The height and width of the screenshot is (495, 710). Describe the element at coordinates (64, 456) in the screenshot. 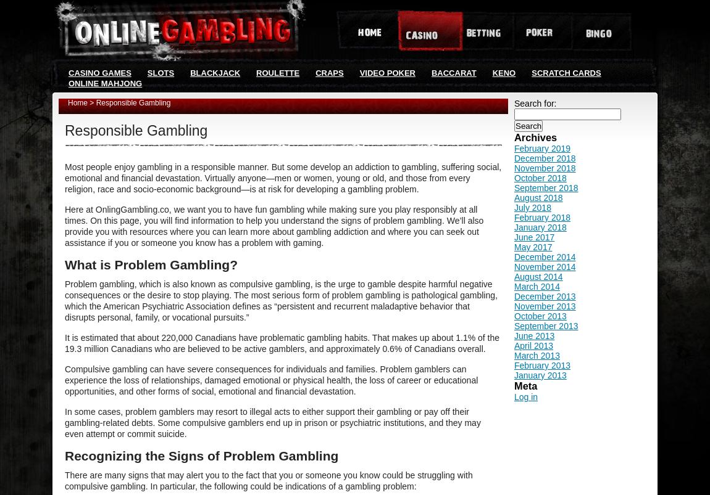

I see `'Recognizing the Signs of Problem Gambling'` at that location.